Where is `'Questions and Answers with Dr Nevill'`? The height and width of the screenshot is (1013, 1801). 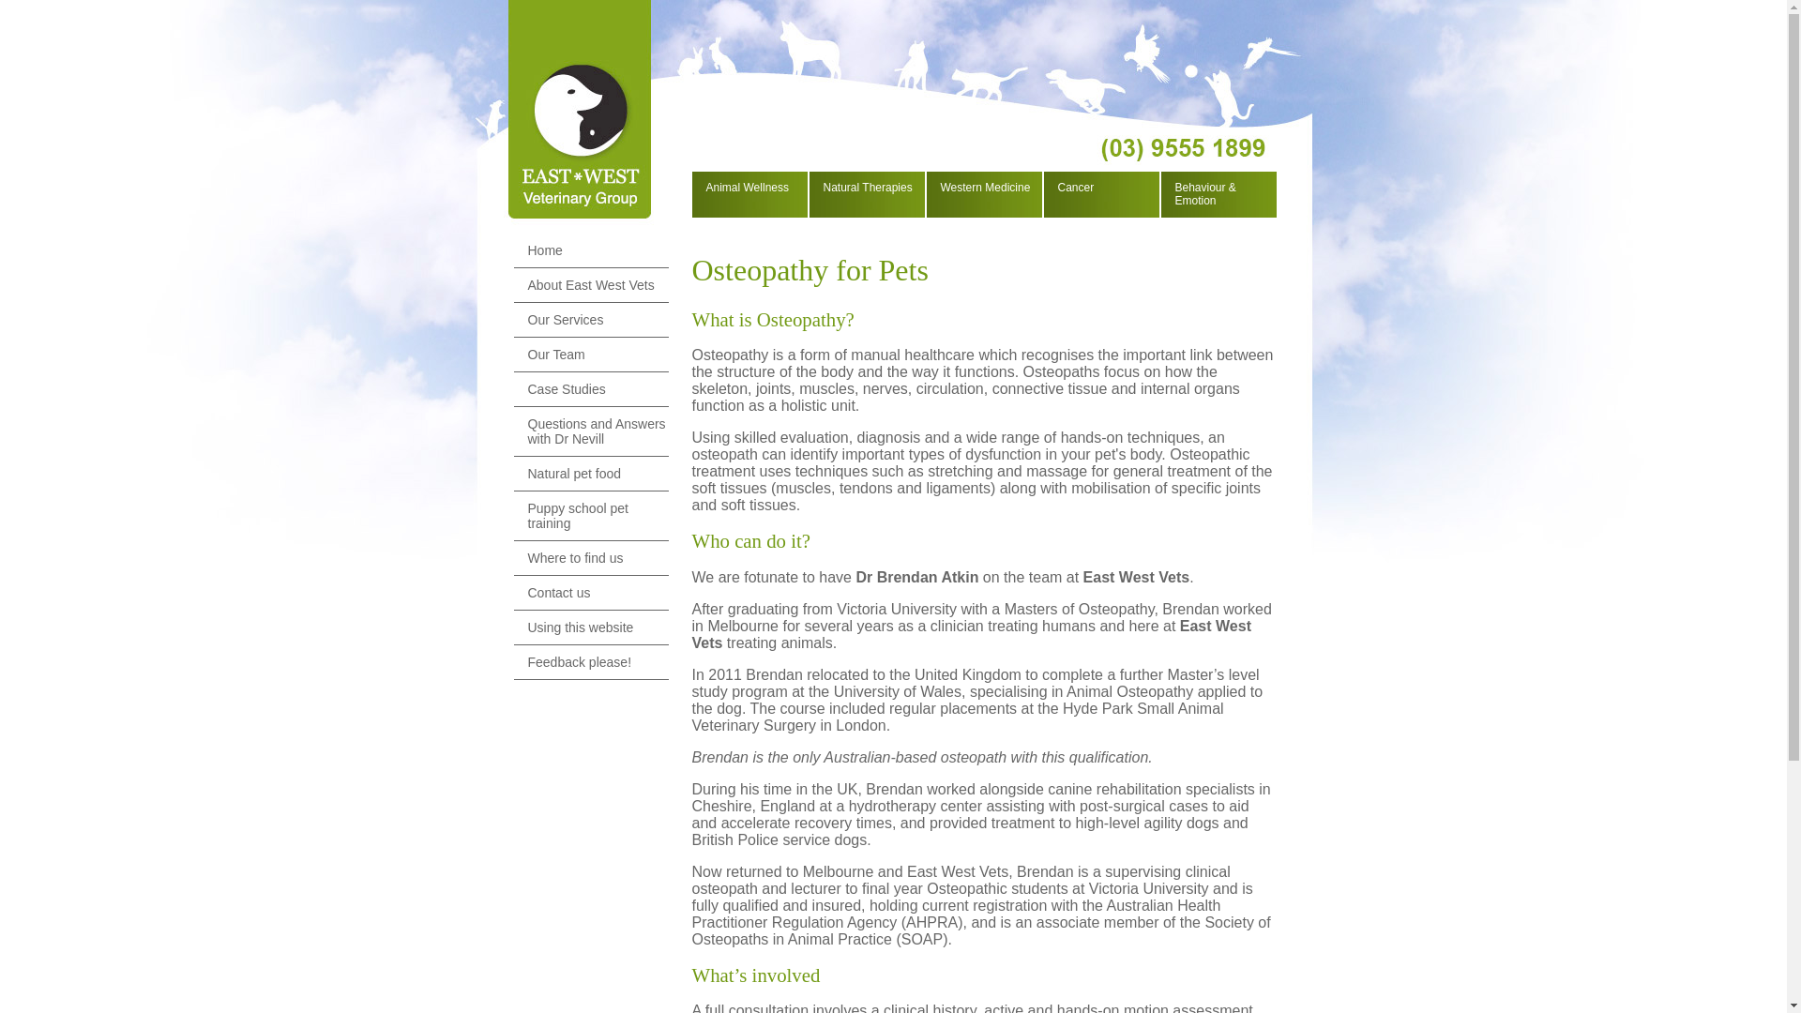 'Questions and Answers with Dr Nevill' is located at coordinates (590, 431).